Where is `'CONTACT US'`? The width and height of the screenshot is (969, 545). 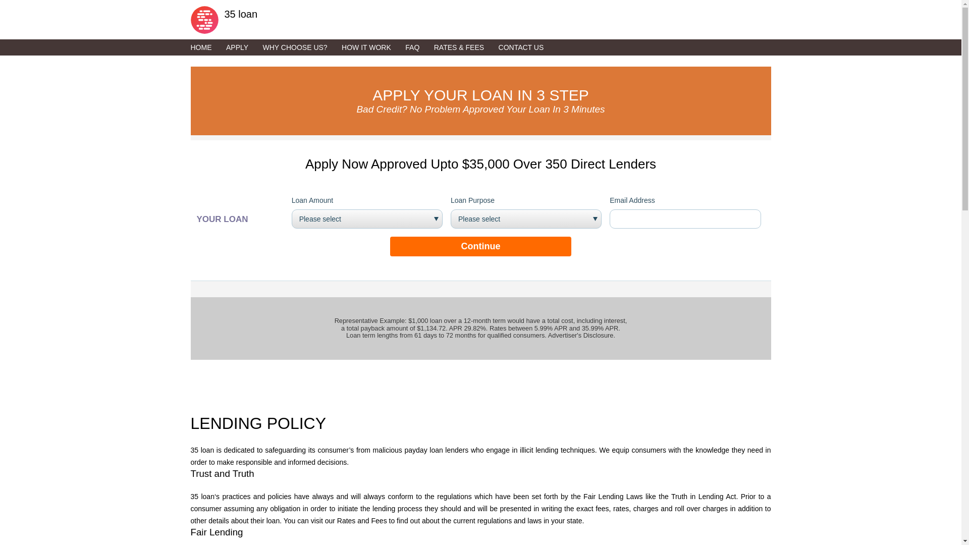
'CONTACT US' is located at coordinates (527, 47).